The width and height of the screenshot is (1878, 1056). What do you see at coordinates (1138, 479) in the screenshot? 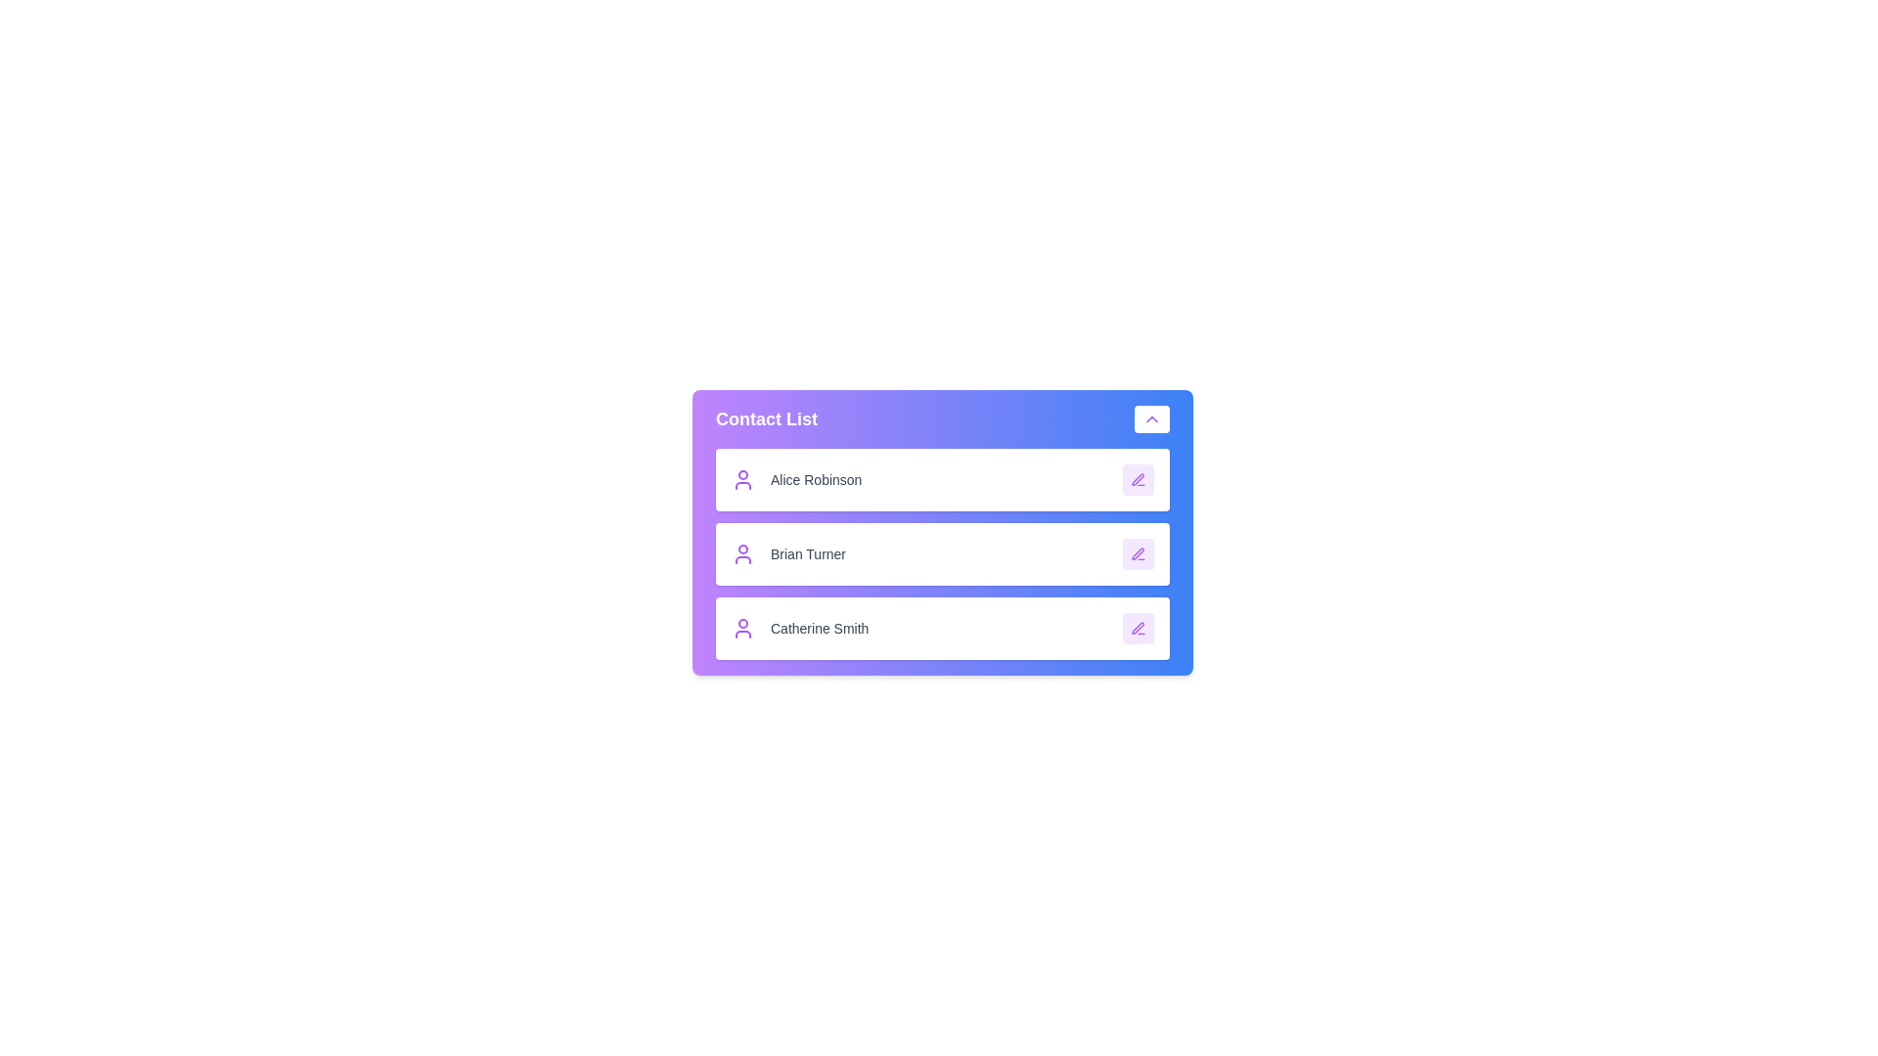
I see `the edit button of the list item Alice Robinson` at bounding box center [1138, 479].